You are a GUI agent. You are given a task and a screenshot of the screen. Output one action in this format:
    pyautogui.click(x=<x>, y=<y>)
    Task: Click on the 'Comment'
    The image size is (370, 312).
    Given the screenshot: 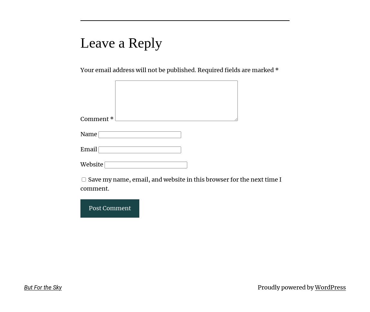 What is the action you would take?
    pyautogui.click(x=95, y=119)
    